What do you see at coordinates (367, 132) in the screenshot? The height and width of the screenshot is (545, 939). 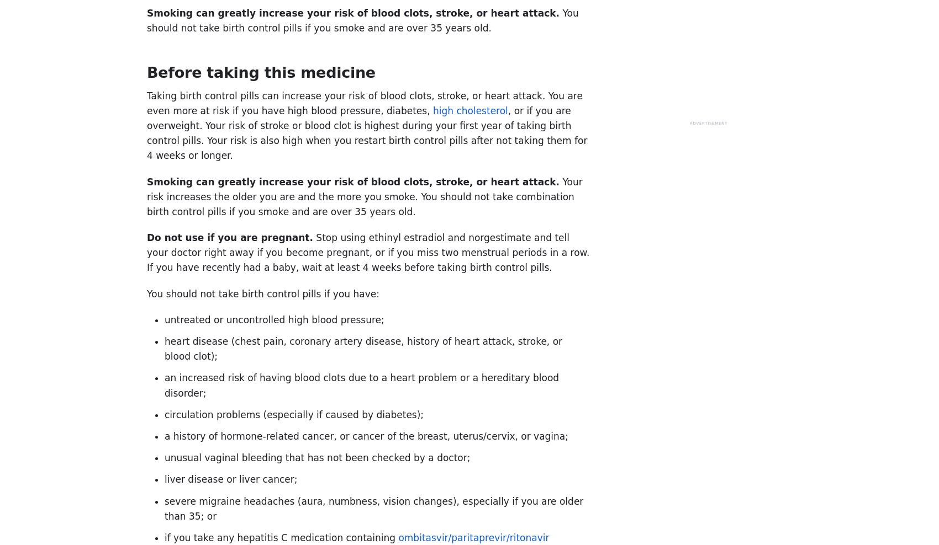 I see `', or if you are overweight. Your risk of stroke or blood clot is highest during your first year of taking birth control pills. Your risk is also high when you restart birth control pills after not taking them for 4 weeks or longer.'` at bounding box center [367, 132].